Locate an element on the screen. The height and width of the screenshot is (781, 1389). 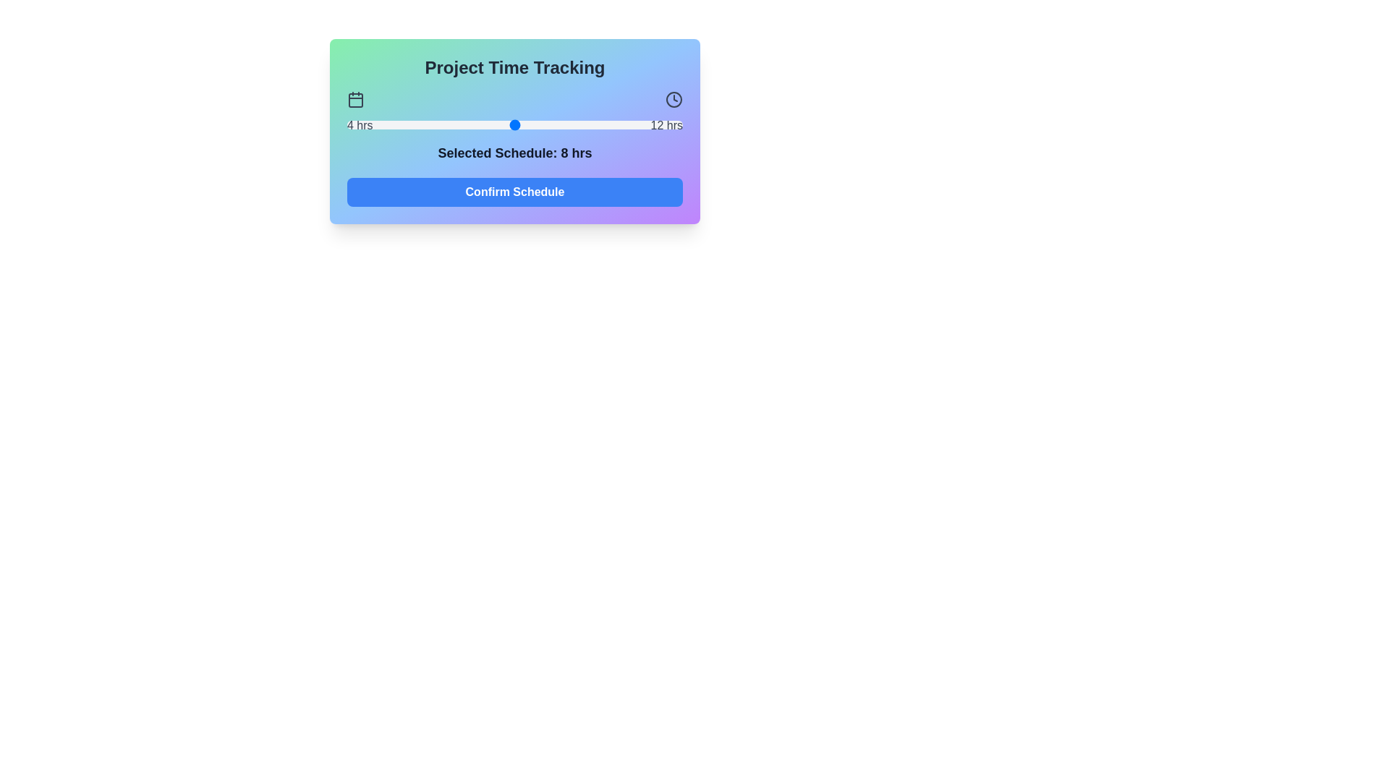
'Confirm Schedule' button to submit the selected schedule is located at coordinates (514, 192).